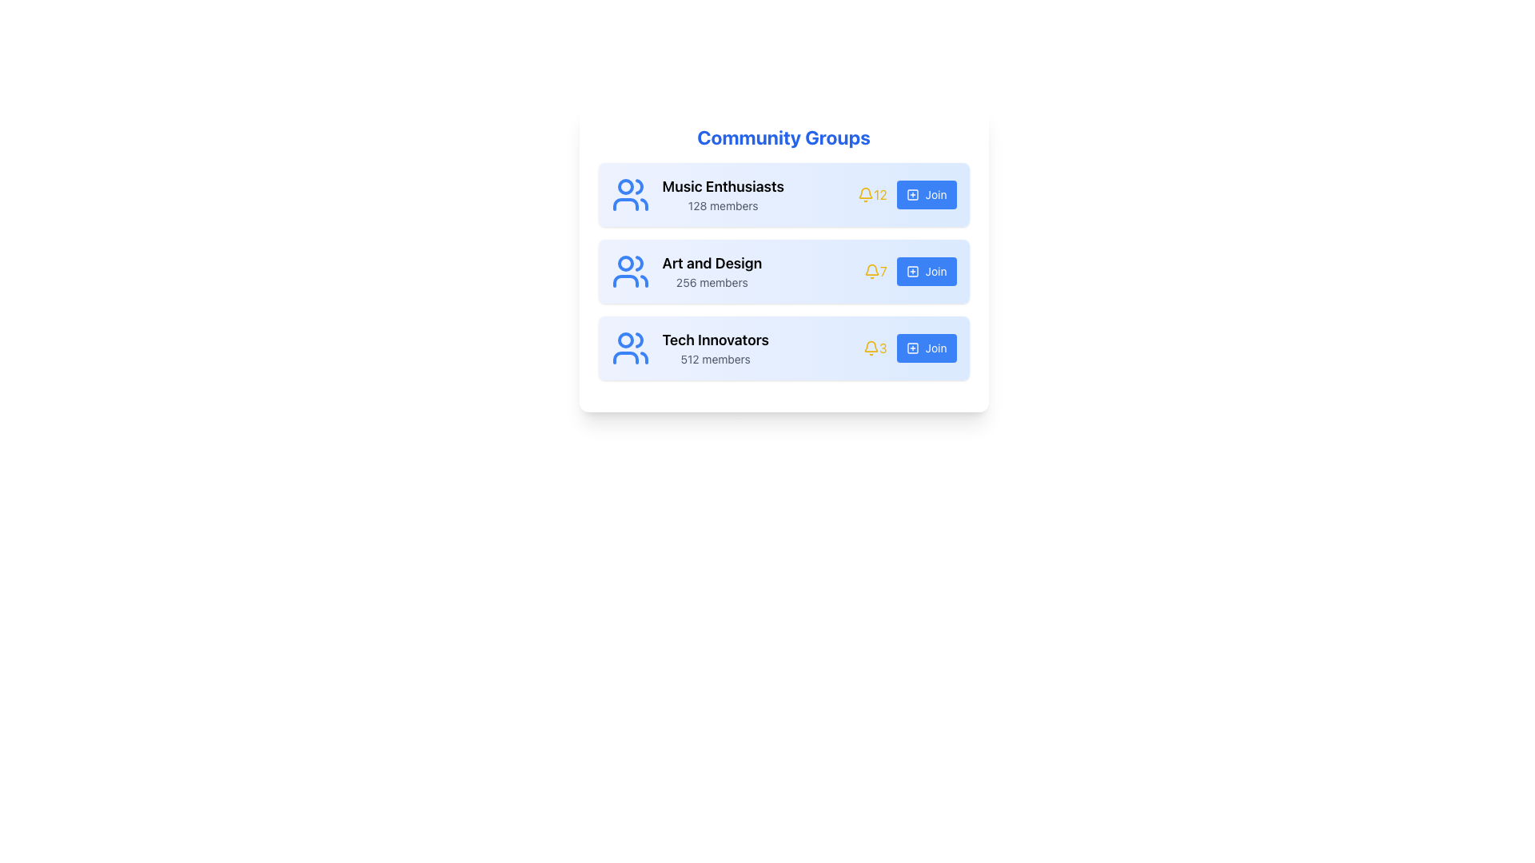  Describe the element at coordinates (722, 205) in the screenshot. I see `the static text label displaying '128 members' located beneath the title 'Music Enthusiasts' in the first group card of the vertical list` at that location.